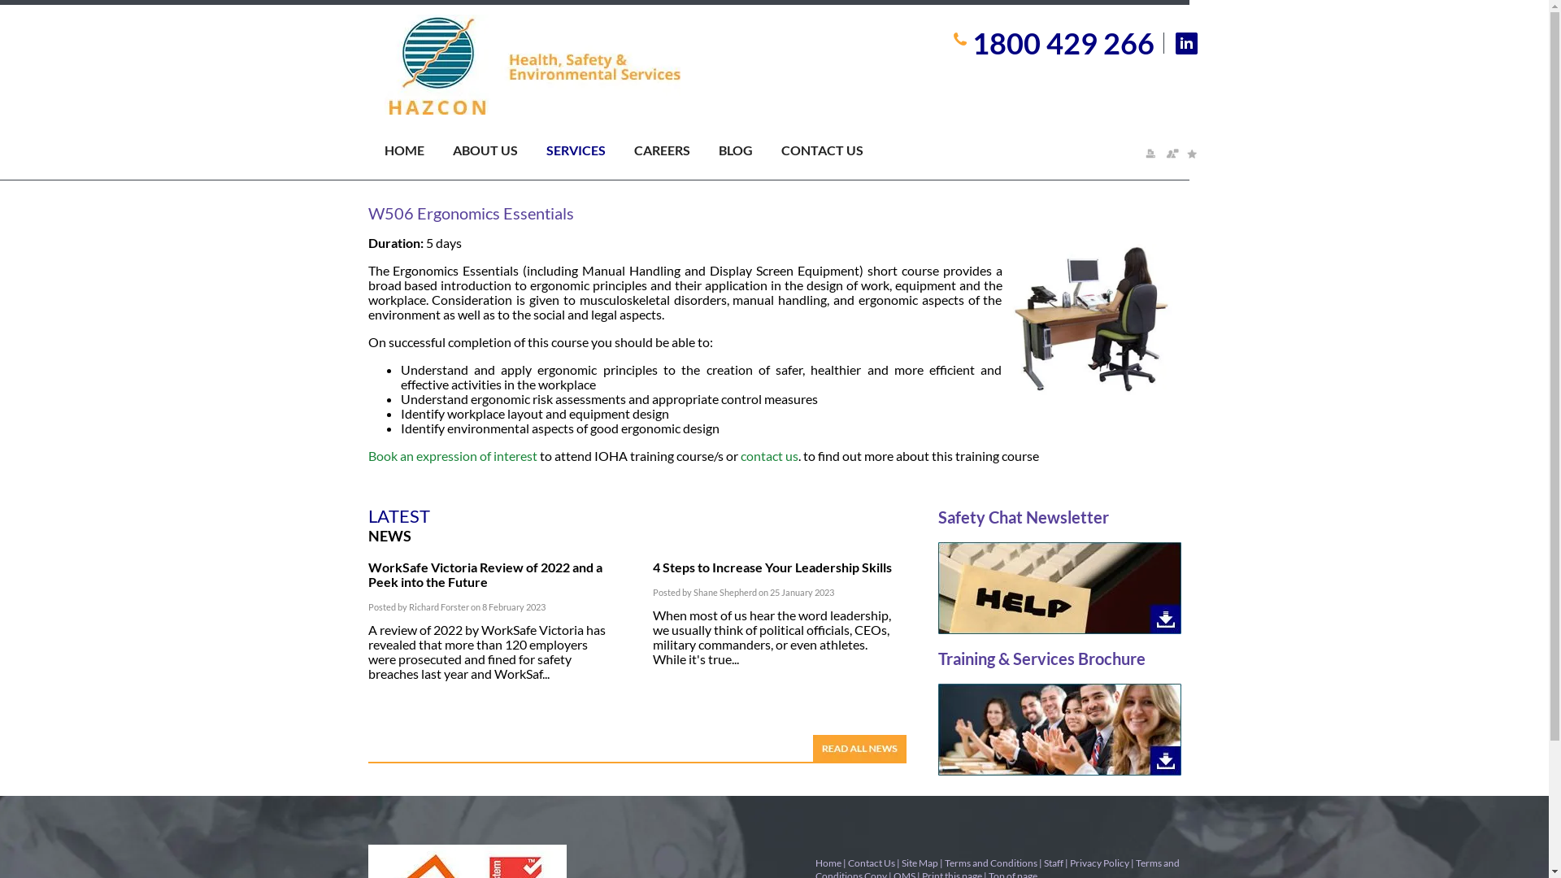 This screenshot has height=878, width=1561. I want to click on 'SERVICES', so click(589, 154).